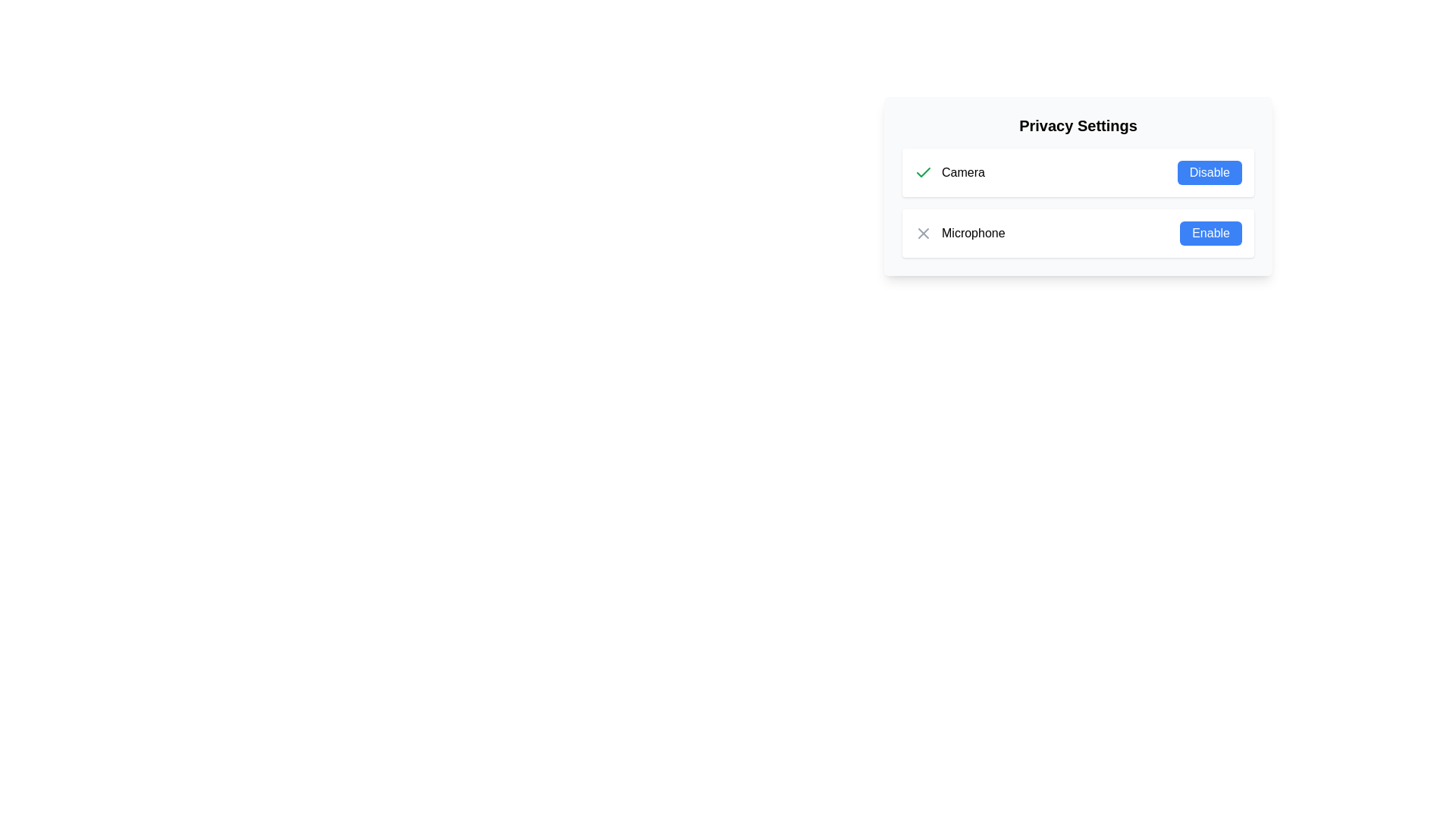  What do you see at coordinates (959, 234) in the screenshot?
I see `the microphone label and icon element, which is the second item in the privacy settings list, below the 'Camera' item and left of the 'Enable' button` at bounding box center [959, 234].